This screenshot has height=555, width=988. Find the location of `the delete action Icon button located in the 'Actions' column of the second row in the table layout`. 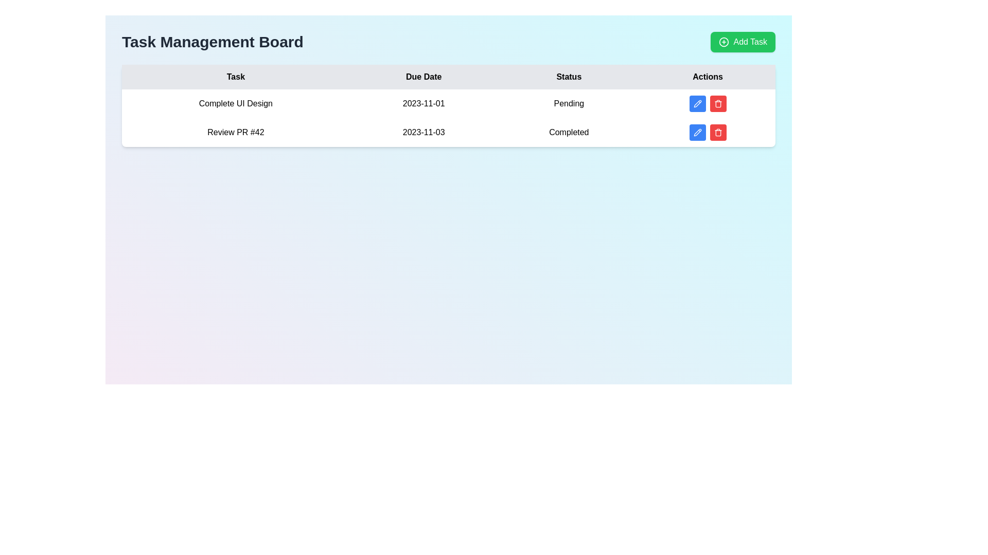

the delete action Icon button located in the 'Actions' column of the second row in the table layout is located at coordinates (717, 103).